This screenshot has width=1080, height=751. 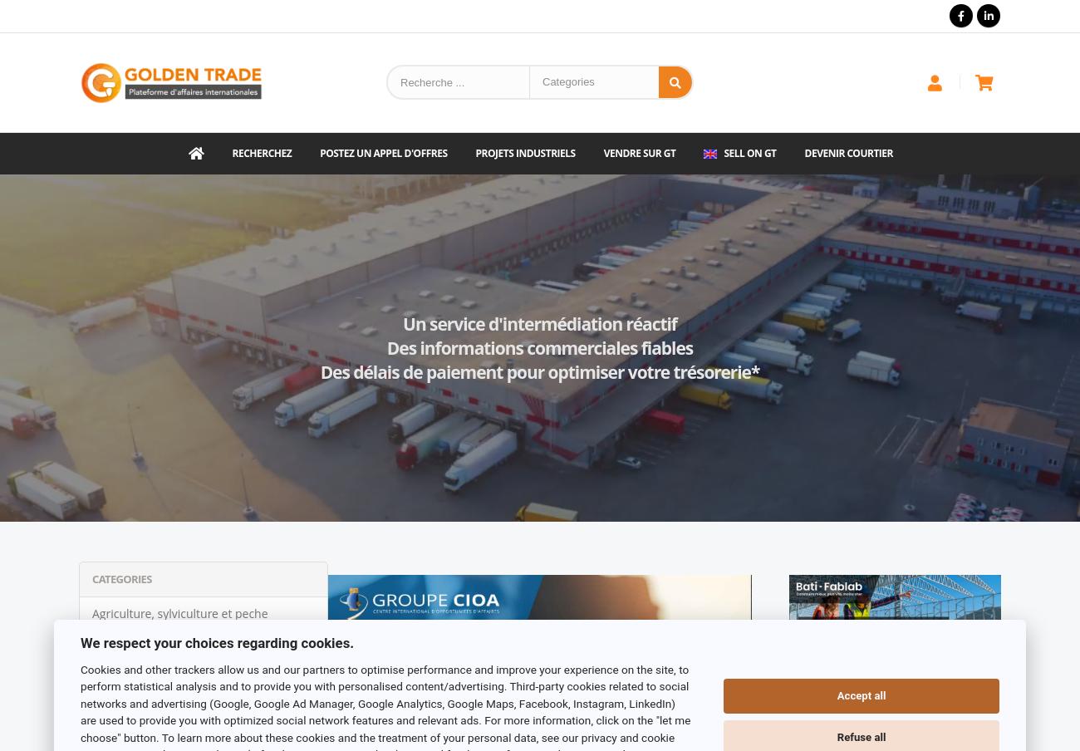 I want to click on 'Services de soutien industriel', so click(x=171, y=647).